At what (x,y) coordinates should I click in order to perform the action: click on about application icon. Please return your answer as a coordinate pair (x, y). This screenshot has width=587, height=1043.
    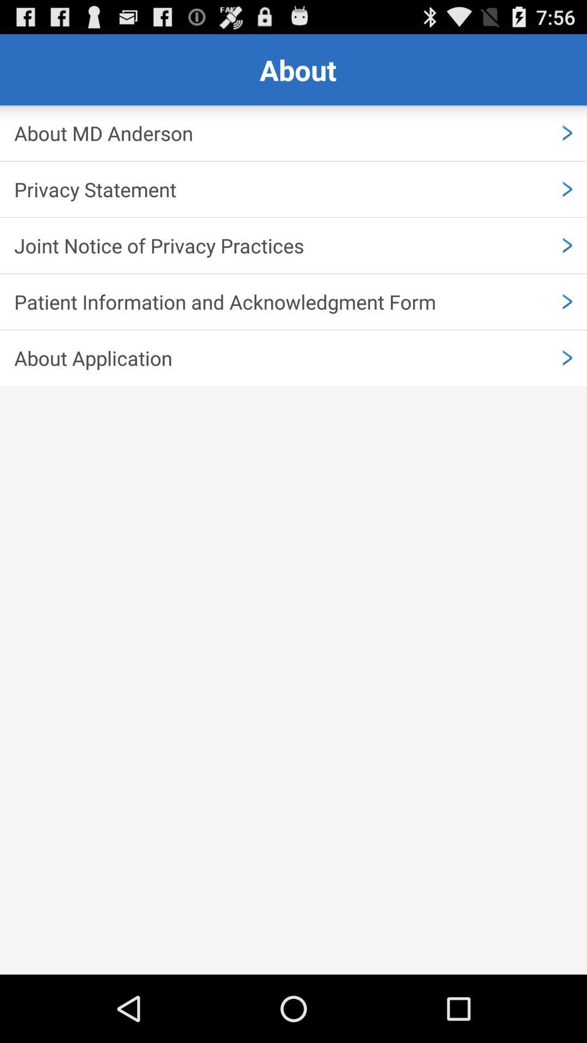
    Looking at the image, I should click on (293, 358).